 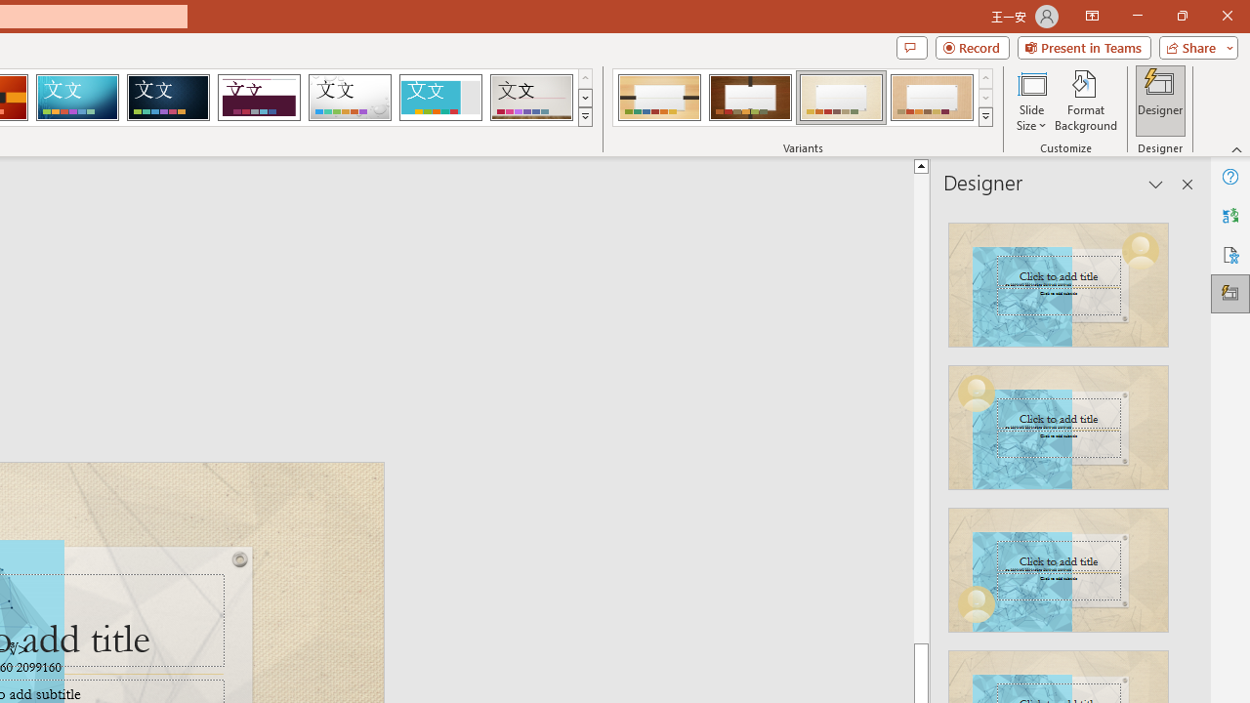 What do you see at coordinates (985, 117) in the screenshot?
I see `'Variants'` at bounding box center [985, 117].